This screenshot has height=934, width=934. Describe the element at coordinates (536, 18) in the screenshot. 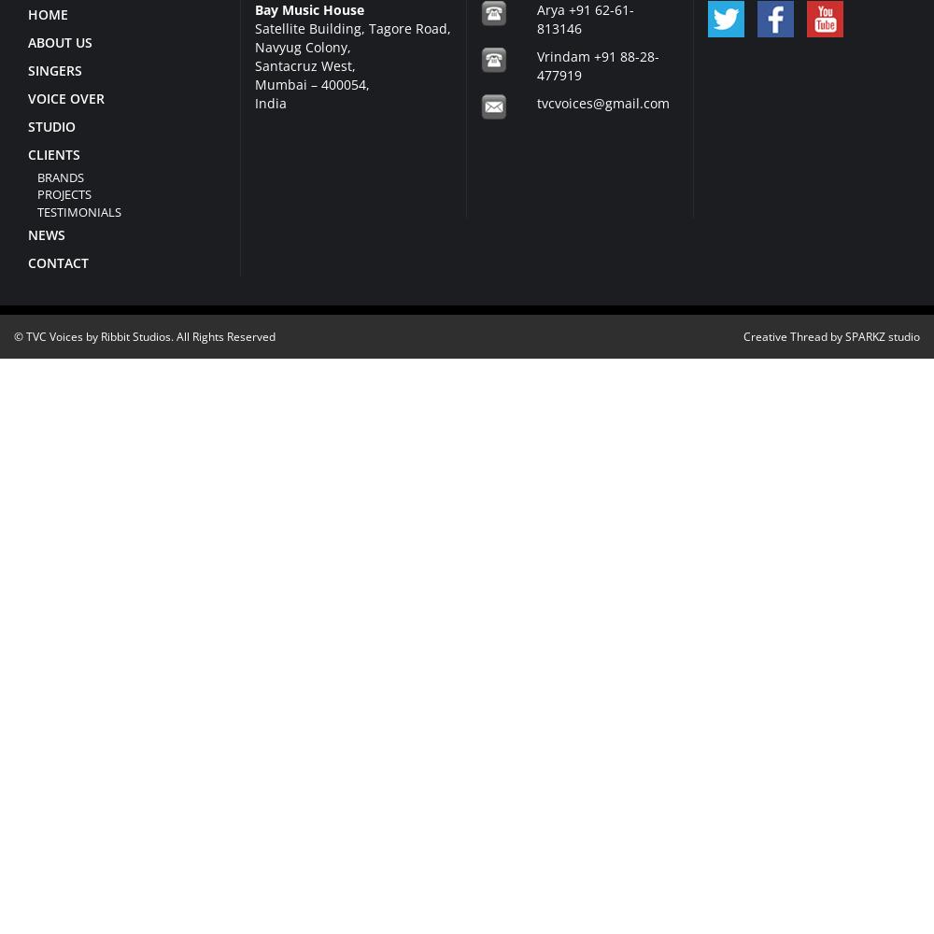

I see `'Arya +91 62-61-813146'` at that location.